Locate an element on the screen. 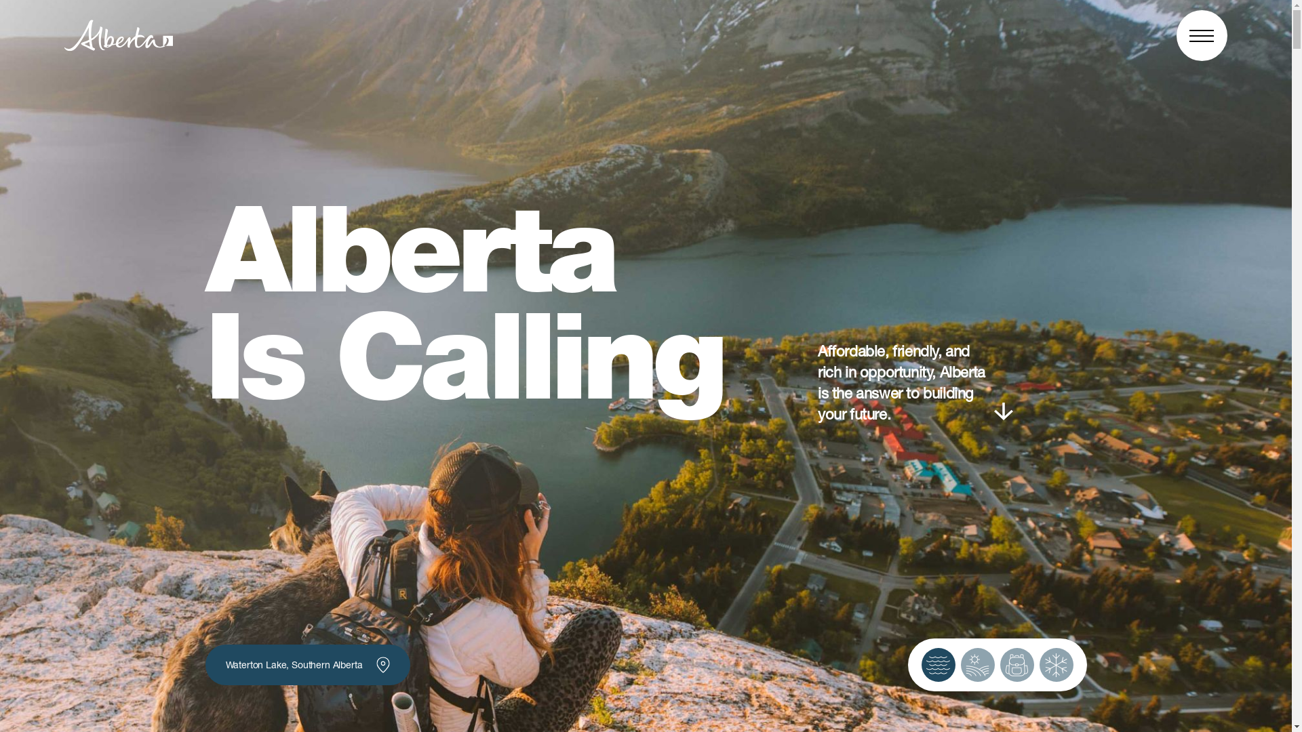  'Toggle Fall Image' is located at coordinates (1016, 664).